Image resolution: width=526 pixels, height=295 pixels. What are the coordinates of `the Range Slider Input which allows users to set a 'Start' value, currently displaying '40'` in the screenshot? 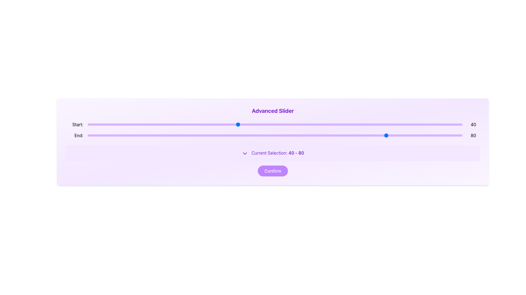 It's located at (273, 124).